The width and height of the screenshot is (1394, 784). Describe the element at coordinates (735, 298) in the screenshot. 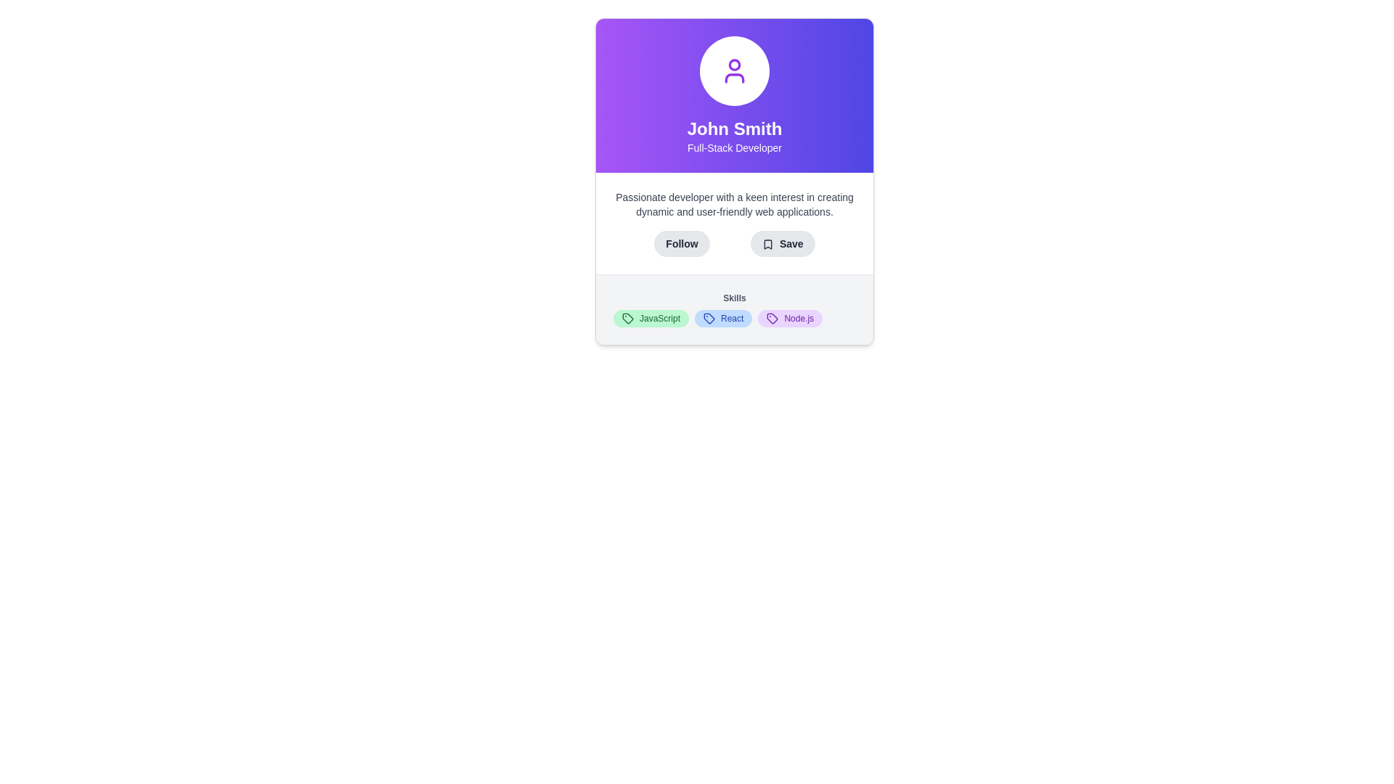

I see `the 'Skills' heading text label, which is a smaller, bold, gray font aligned to the left, located above the tags 'JavaScript', 'React', and 'Node.js'` at that location.